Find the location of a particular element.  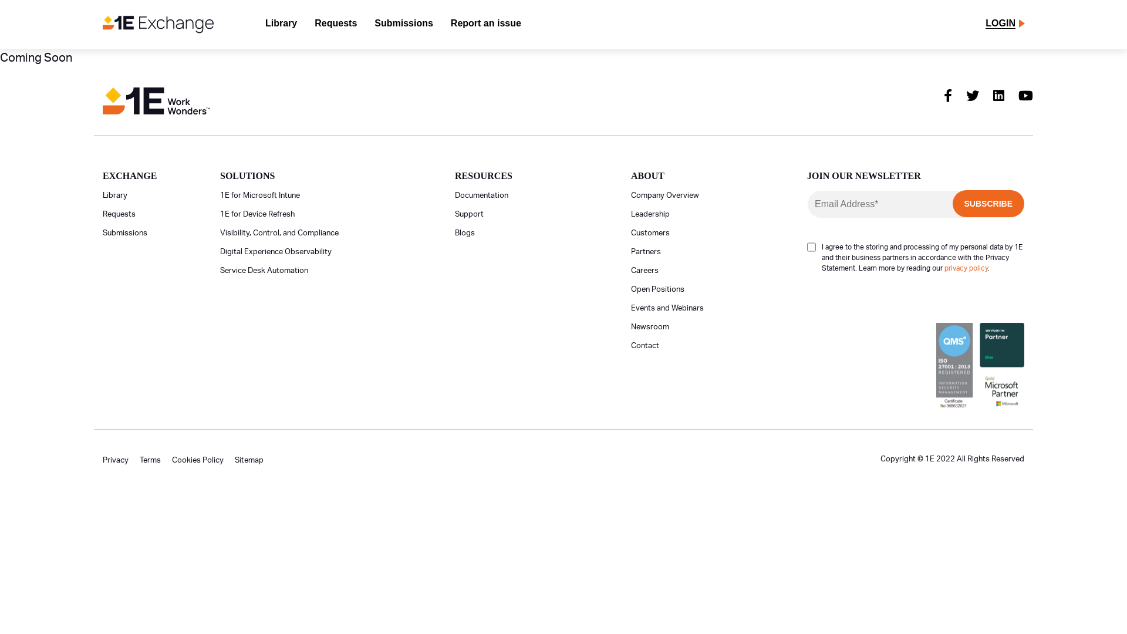

'Support' is located at coordinates (468, 214).